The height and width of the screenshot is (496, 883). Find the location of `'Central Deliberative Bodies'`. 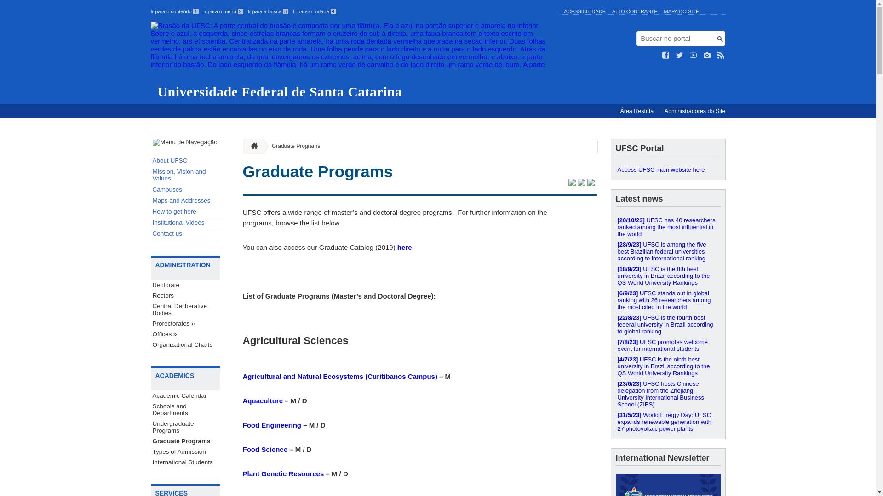

'Central Deliberative Bodies' is located at coordinates (185, 310).